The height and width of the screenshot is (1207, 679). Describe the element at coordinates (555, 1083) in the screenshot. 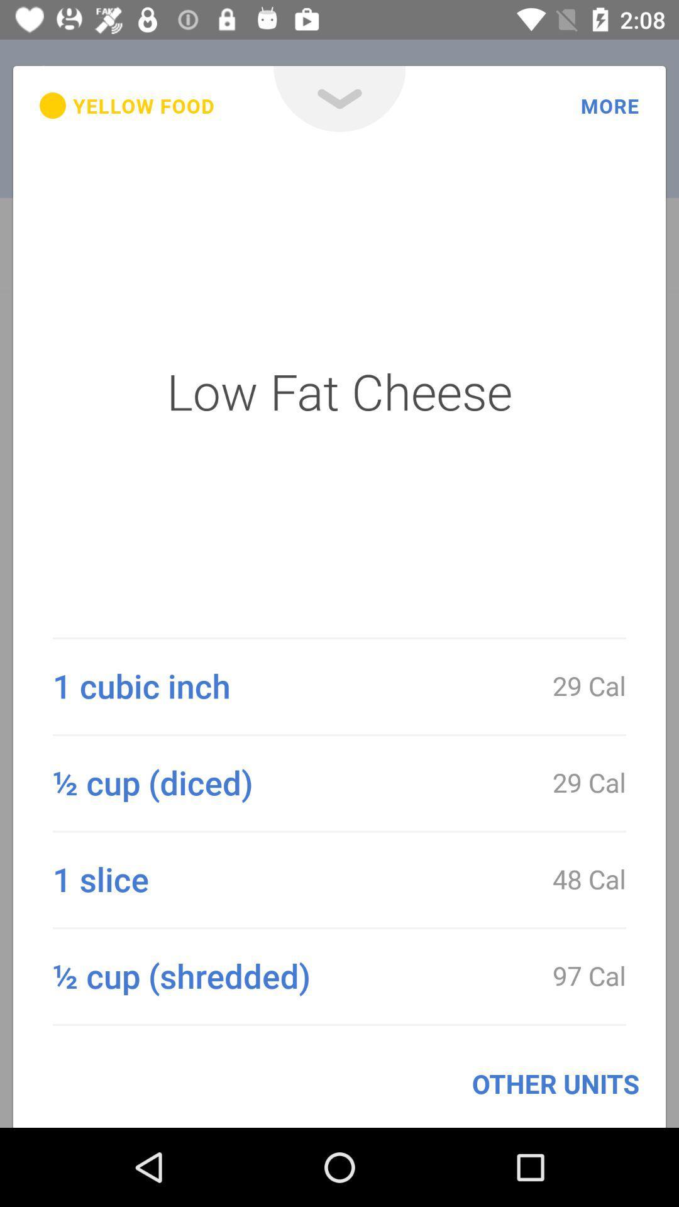

I see `the other units icon` at that location.